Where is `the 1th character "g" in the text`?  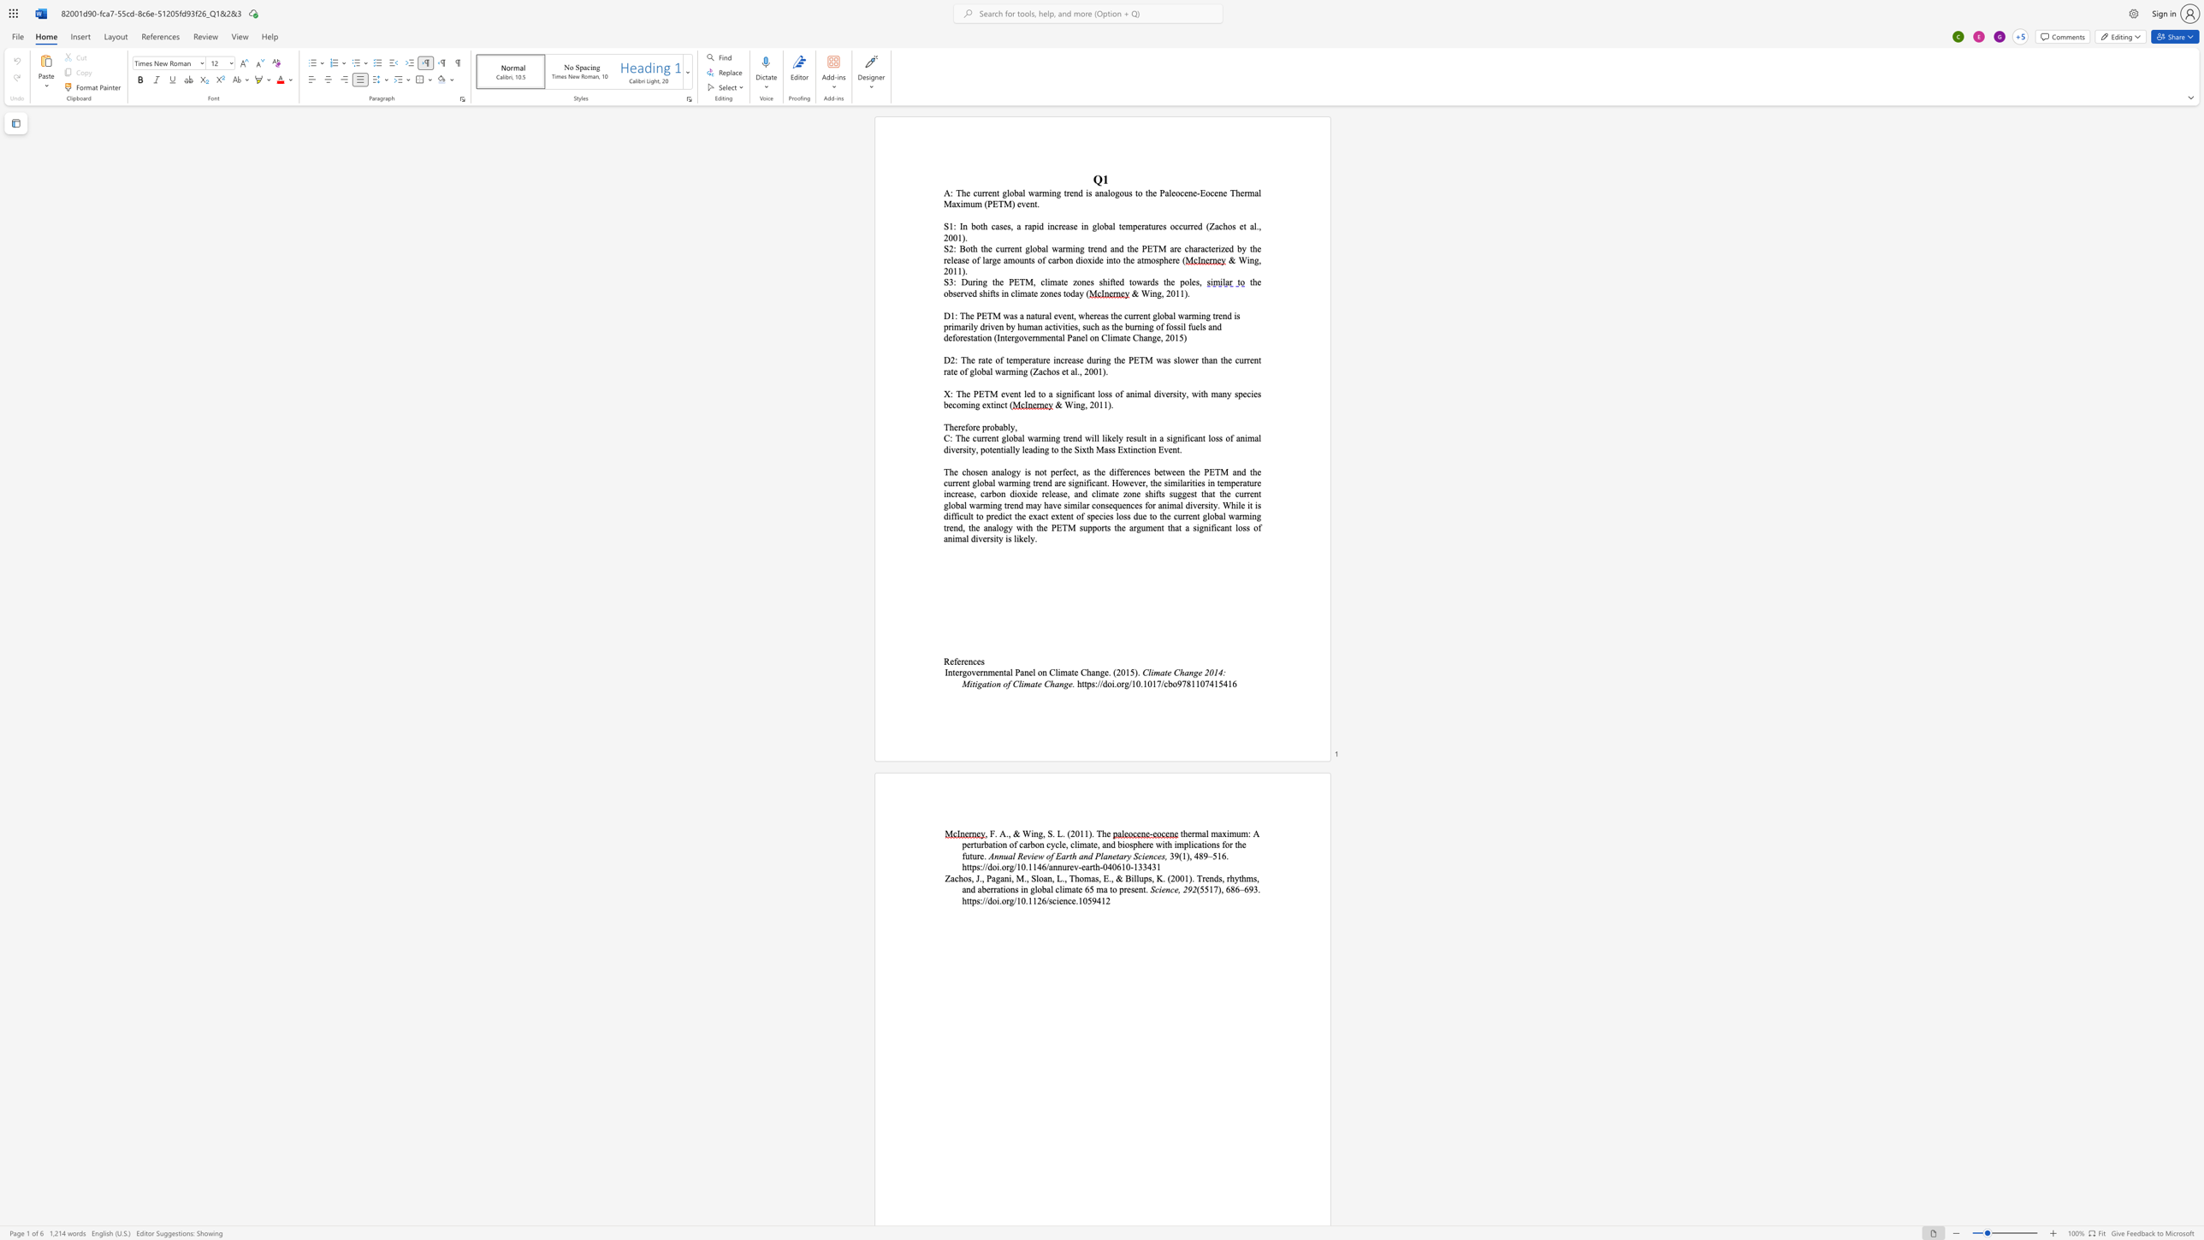
the 1th character "g" in the text is located at coordinates (1158, 293).